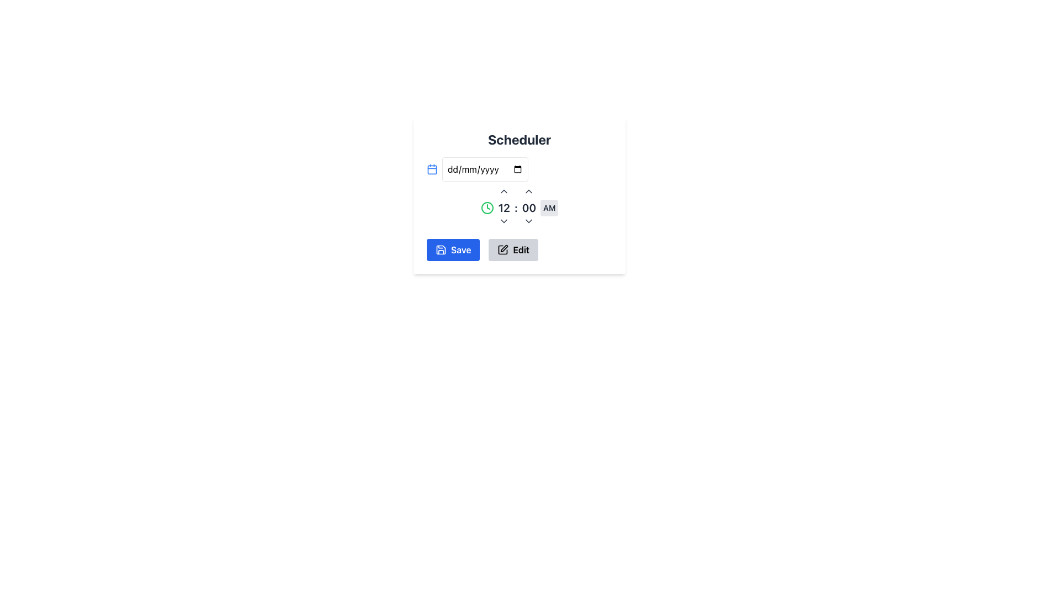 This screenshot has width=1060, height=596. I want to click on the edit icon located within the 'Edit' button in the bottom-right corner of the interface, so click(502, 249).